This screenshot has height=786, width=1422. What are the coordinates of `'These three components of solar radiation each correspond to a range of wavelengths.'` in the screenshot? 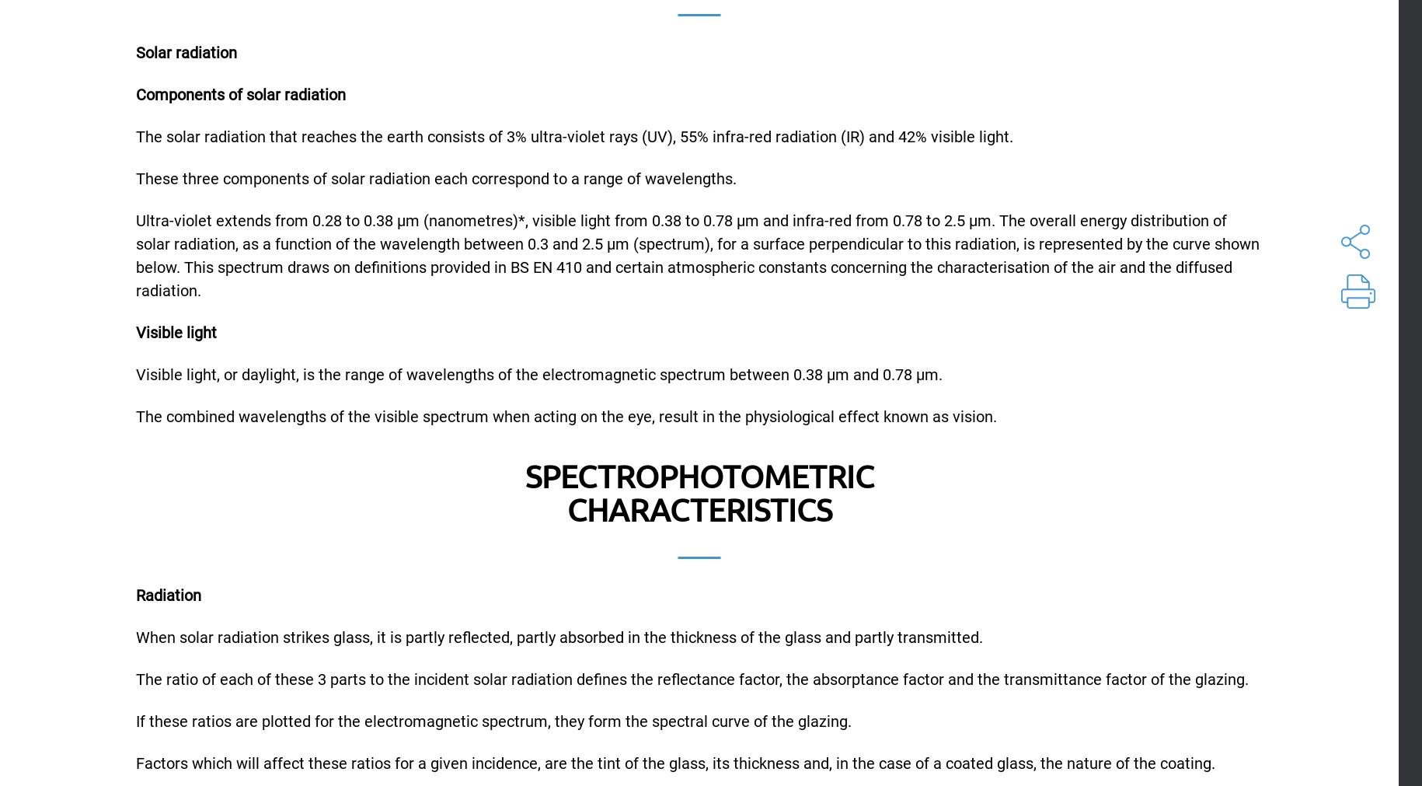 It's located at (435, 179).